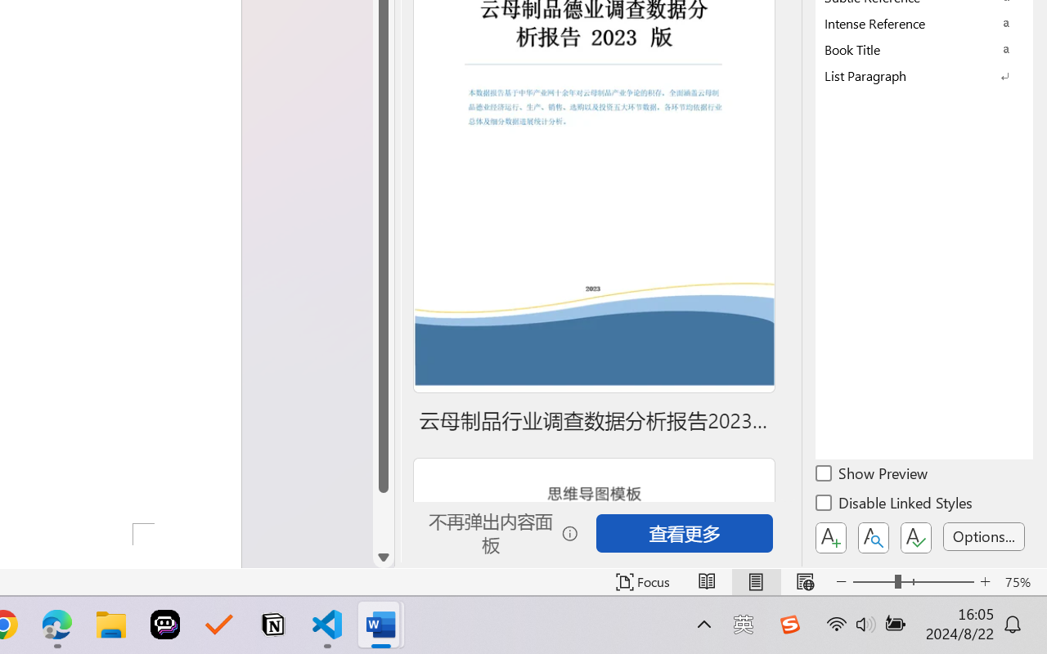  Describe the element at coordinates (985, 581) in the screenshot. I see `'Zoom In'` at that location.